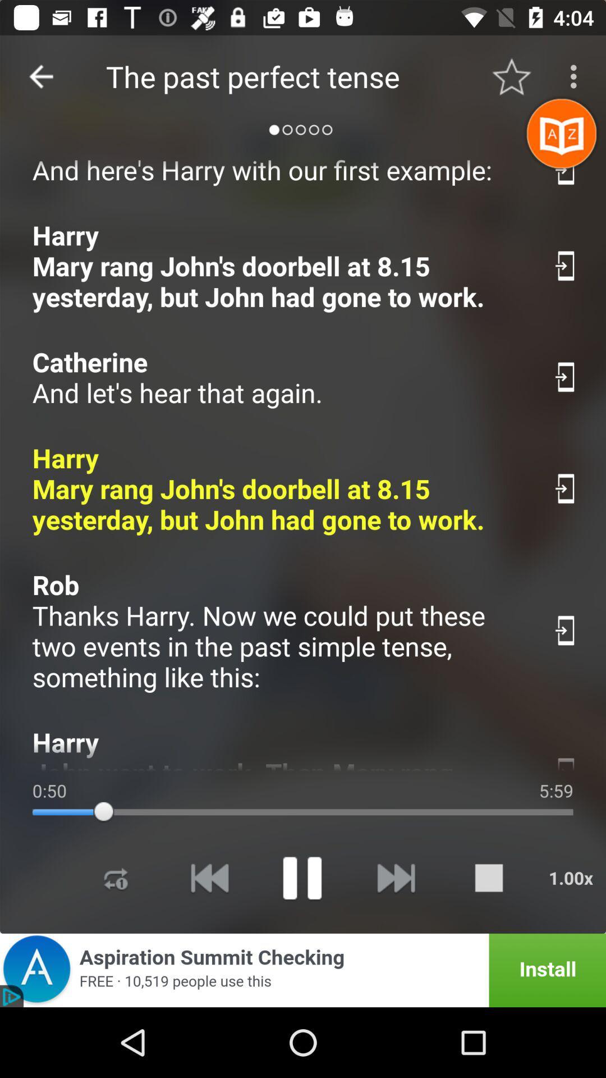 The width and height of the screenshot is (606, 1078). What do you see at coordinates (209, 877) in the screenshot?
I see `the av_rewind icon` at bounding box center [209, 877].